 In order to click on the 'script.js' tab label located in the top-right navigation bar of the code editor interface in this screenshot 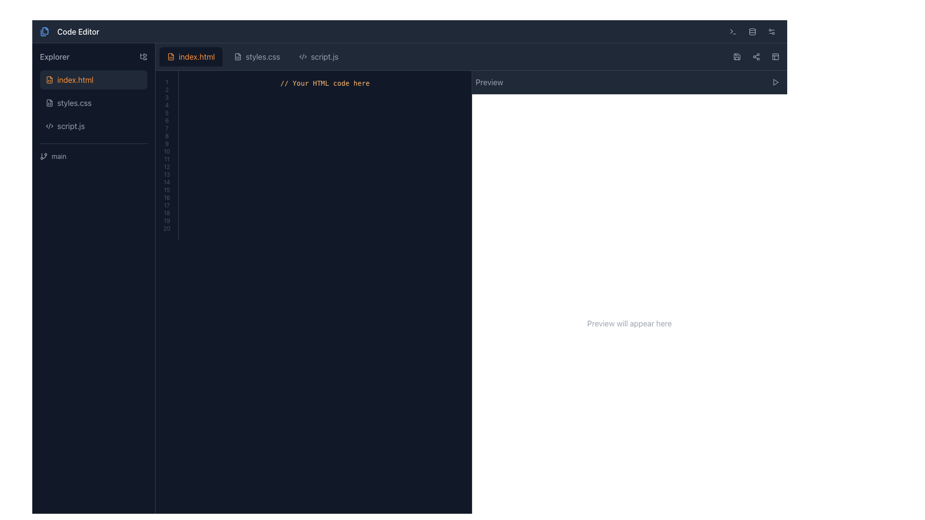, I will do `click(324, 57)`.